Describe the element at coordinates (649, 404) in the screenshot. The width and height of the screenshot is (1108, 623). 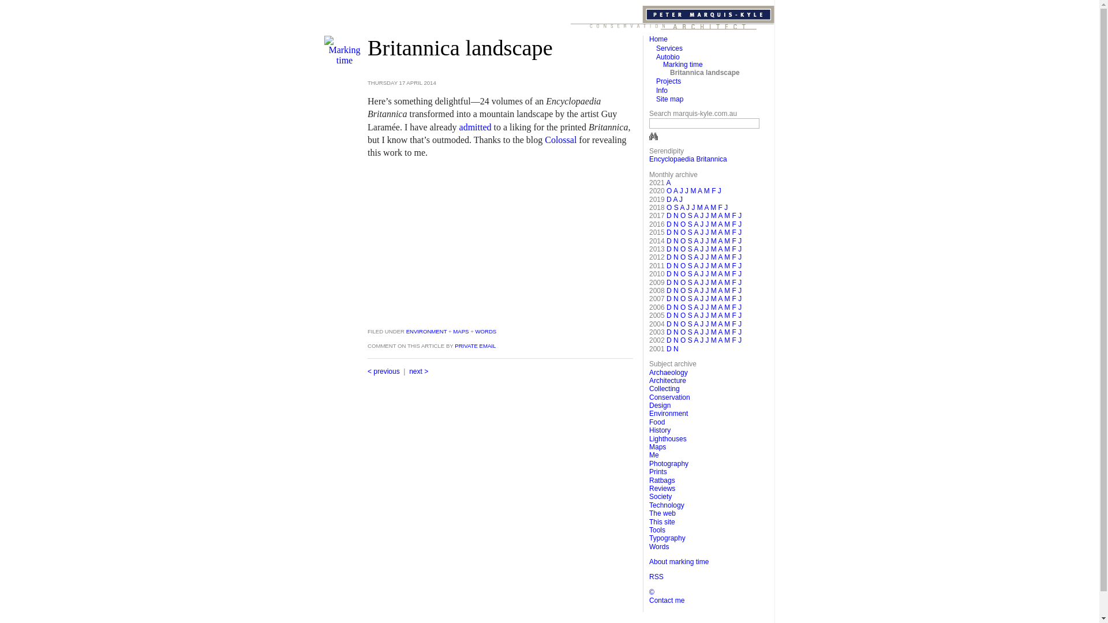
I see `'Design'` at that location.